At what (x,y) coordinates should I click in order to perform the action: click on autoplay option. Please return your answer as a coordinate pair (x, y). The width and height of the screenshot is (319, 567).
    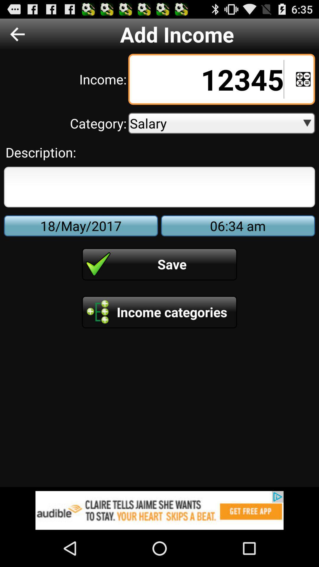
    Looking at the image, I should click on (303, 79).